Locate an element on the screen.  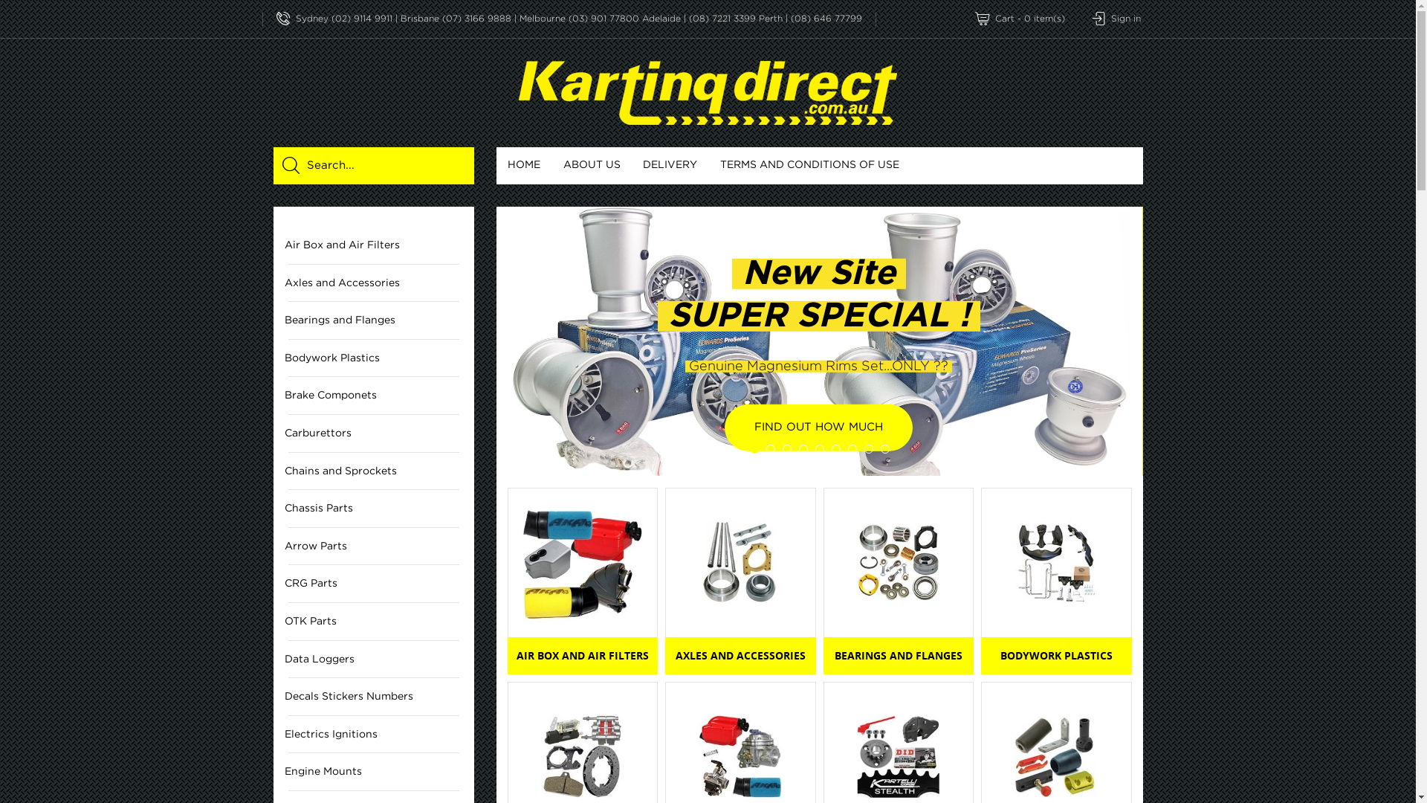
'ABOUT US' is located at coordinates (591, 166).